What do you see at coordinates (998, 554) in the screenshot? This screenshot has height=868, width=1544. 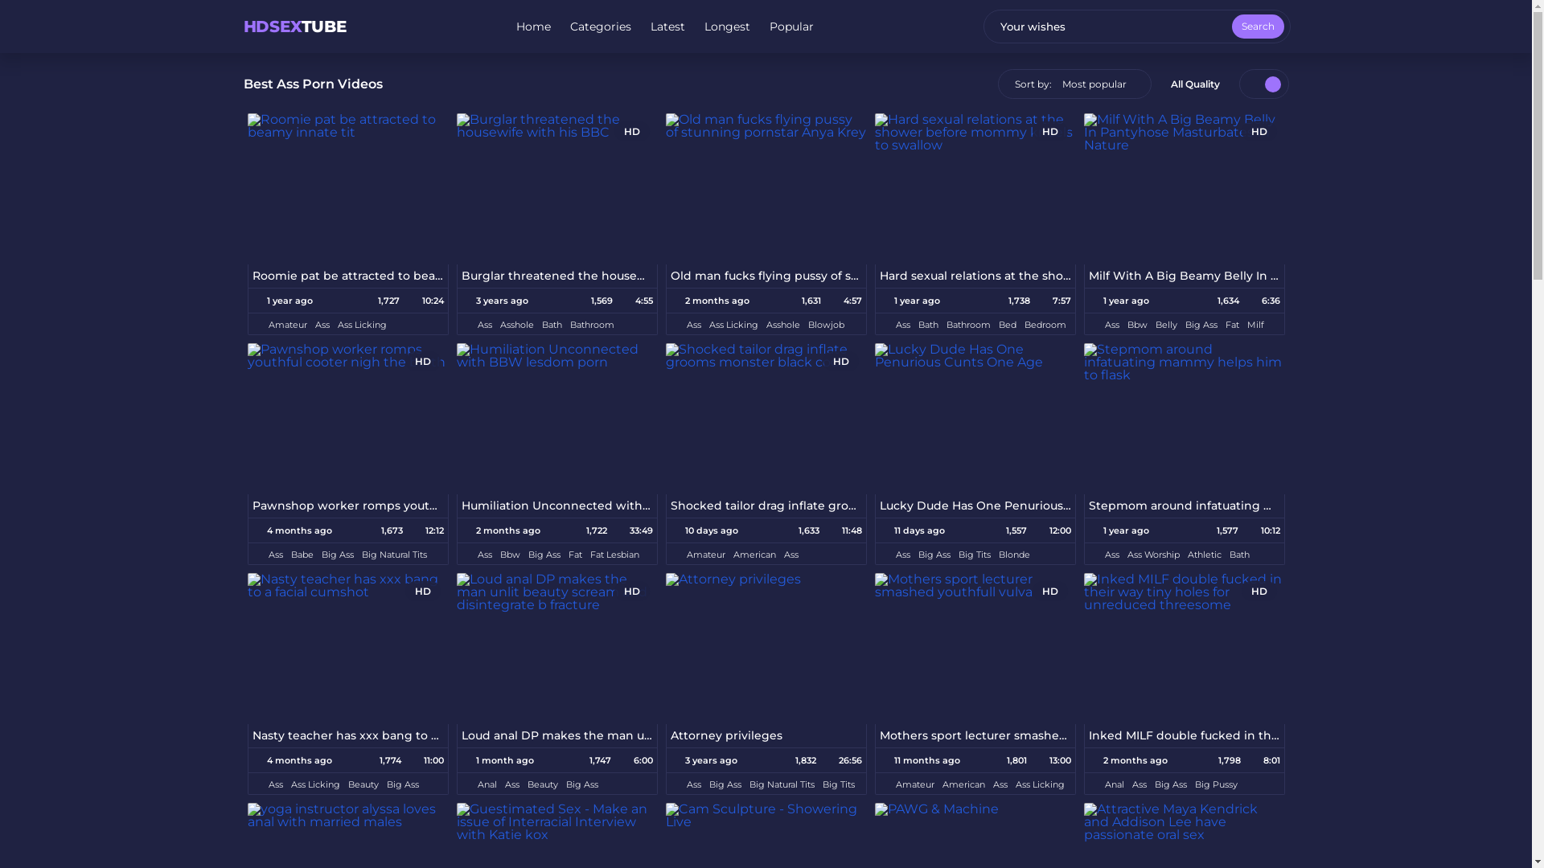 I see `'Blonde'` at bounding box center [998, 554].